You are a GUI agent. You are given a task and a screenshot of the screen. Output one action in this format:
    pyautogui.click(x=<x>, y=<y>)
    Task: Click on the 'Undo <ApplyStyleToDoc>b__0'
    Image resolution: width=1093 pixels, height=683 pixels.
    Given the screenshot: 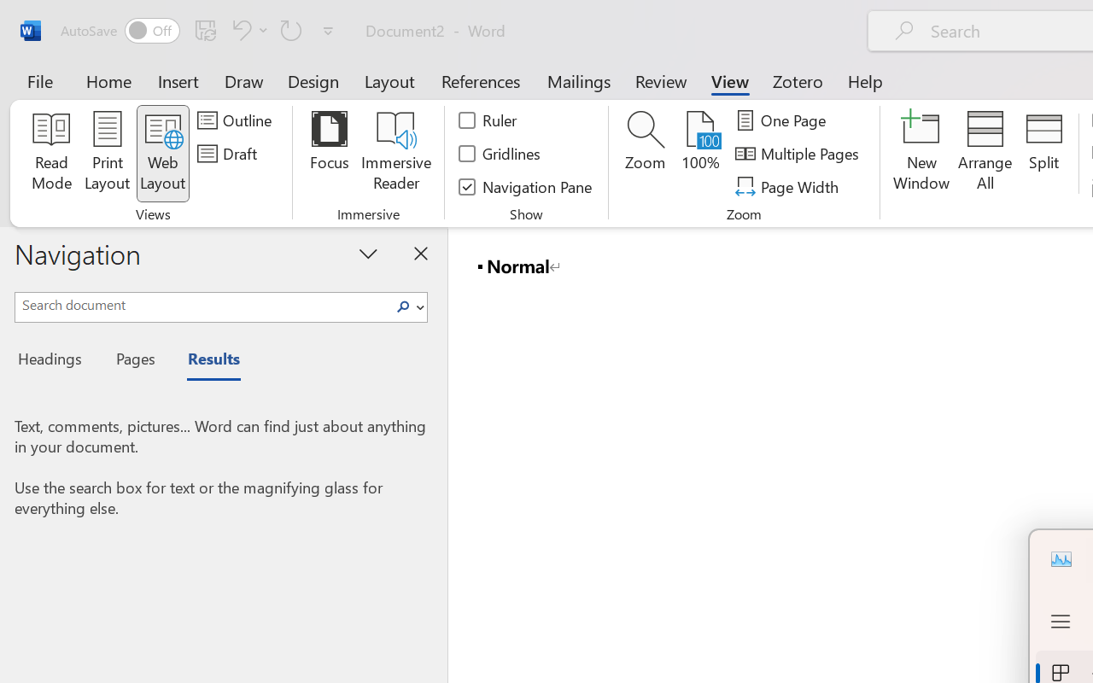 What is the action you would take?
    pyautogui.click(x=247, y=29)
    